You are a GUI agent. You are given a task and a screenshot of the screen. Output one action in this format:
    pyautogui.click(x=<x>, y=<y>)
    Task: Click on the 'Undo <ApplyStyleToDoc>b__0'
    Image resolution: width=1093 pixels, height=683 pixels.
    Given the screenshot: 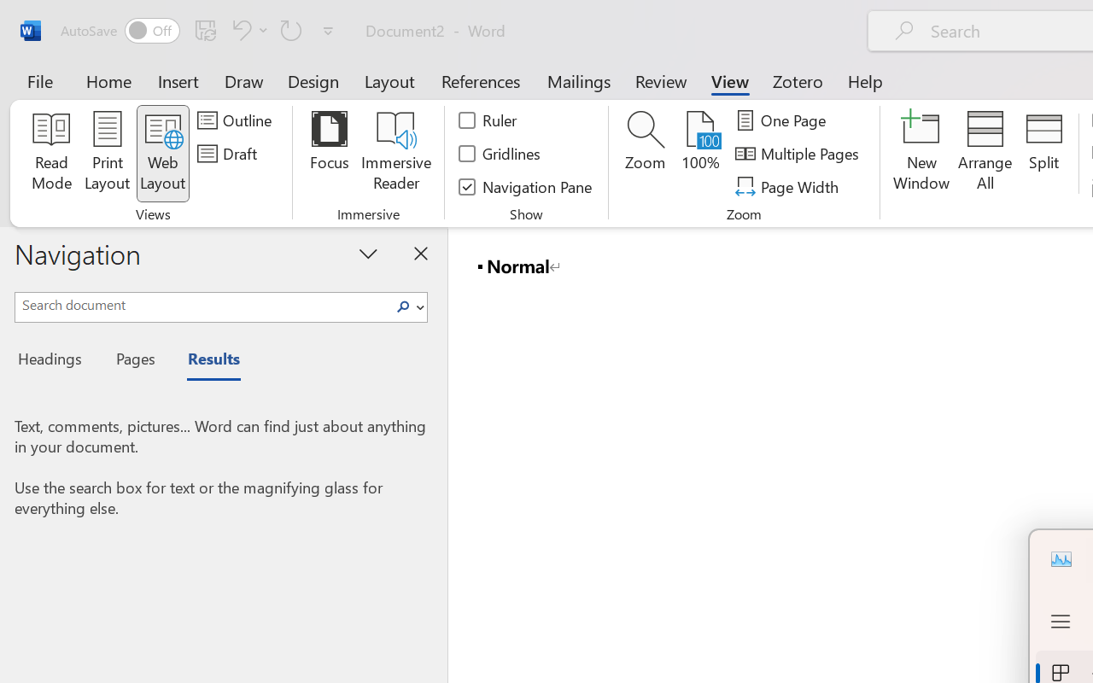 What is the action you would take?
    pyautogui.click(x=247, y=29)
    